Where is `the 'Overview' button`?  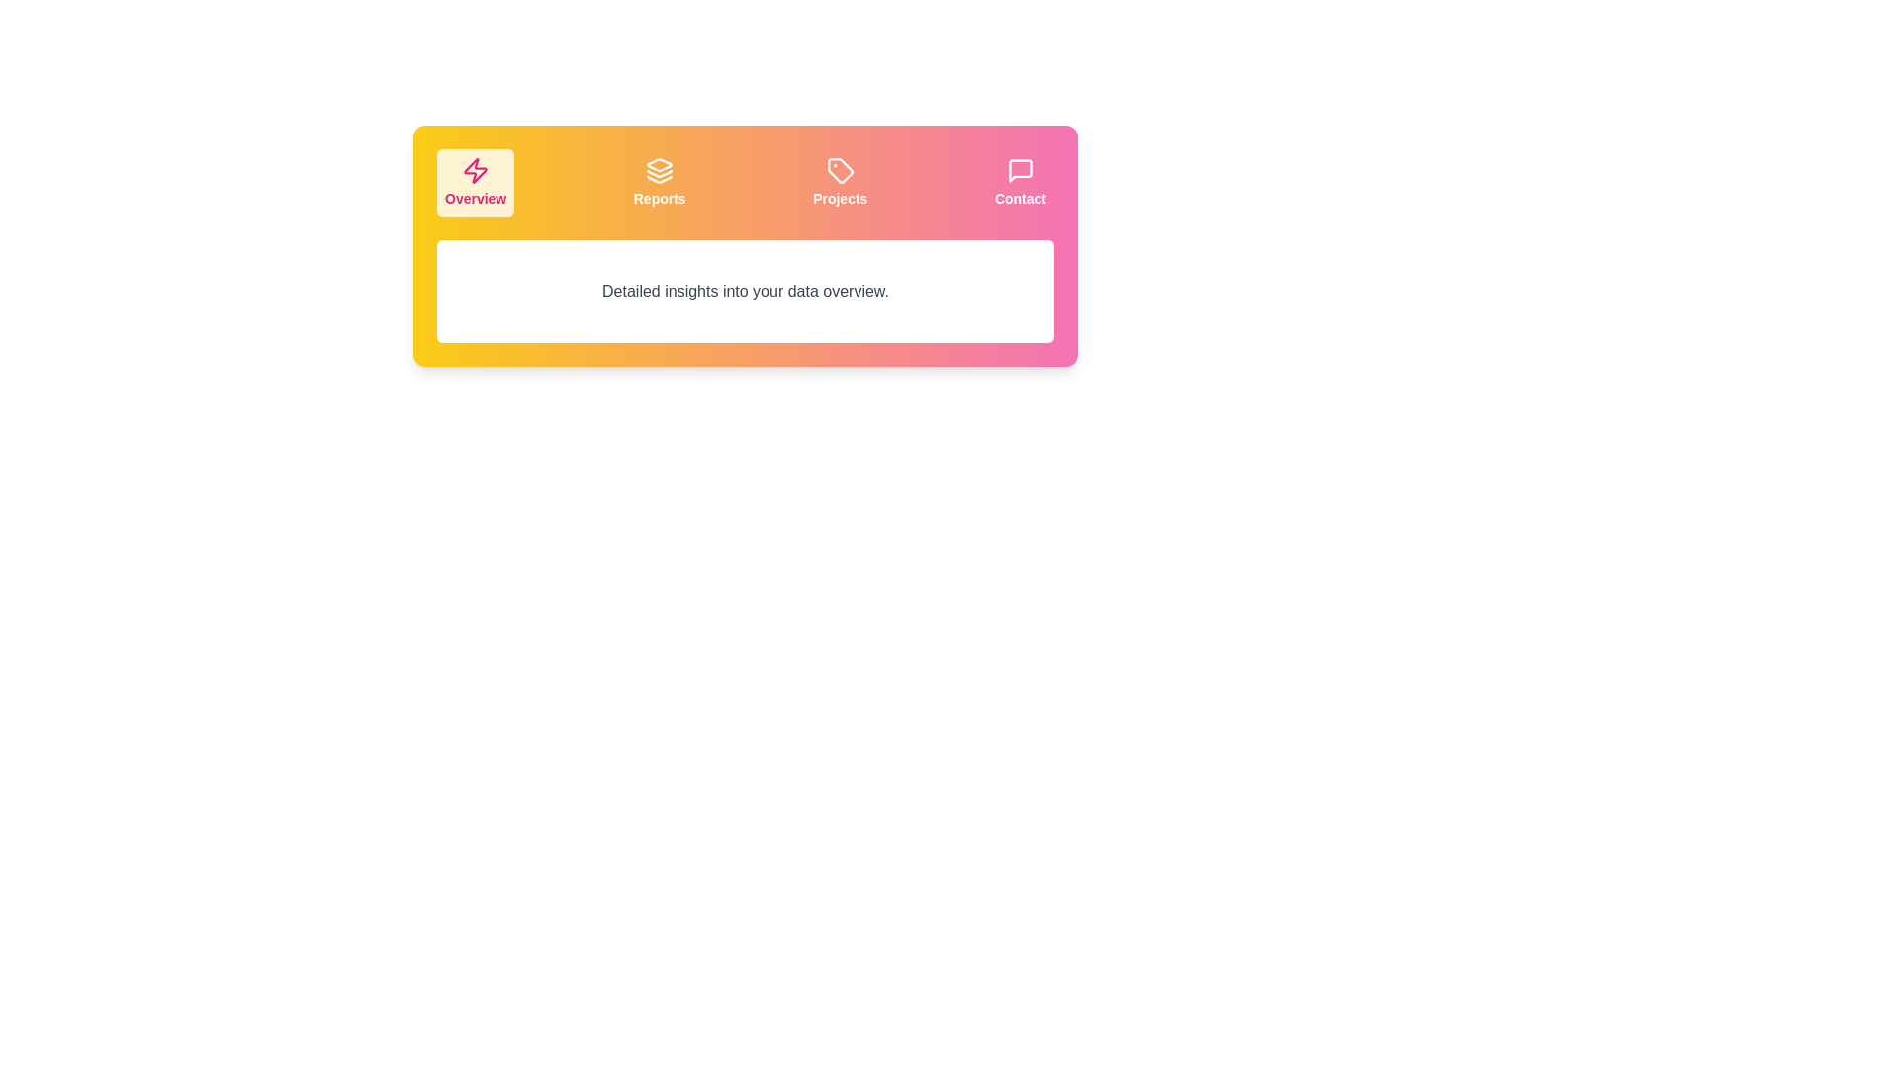 the 'Overview' button is located at coordinates (476, 183).